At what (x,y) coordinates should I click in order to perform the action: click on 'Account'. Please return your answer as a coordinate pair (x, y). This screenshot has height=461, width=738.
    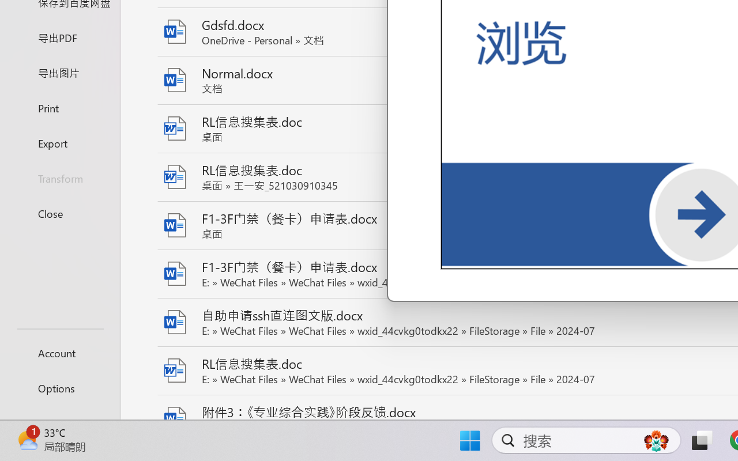
    Looking at the image, I should click on (59, 353).